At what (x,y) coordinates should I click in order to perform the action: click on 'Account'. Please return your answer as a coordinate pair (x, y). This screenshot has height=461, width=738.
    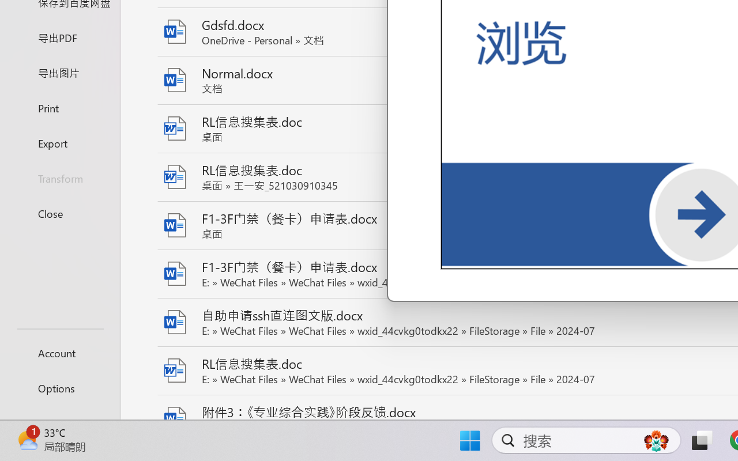
    Looking at the image, I should click on (59, 353).